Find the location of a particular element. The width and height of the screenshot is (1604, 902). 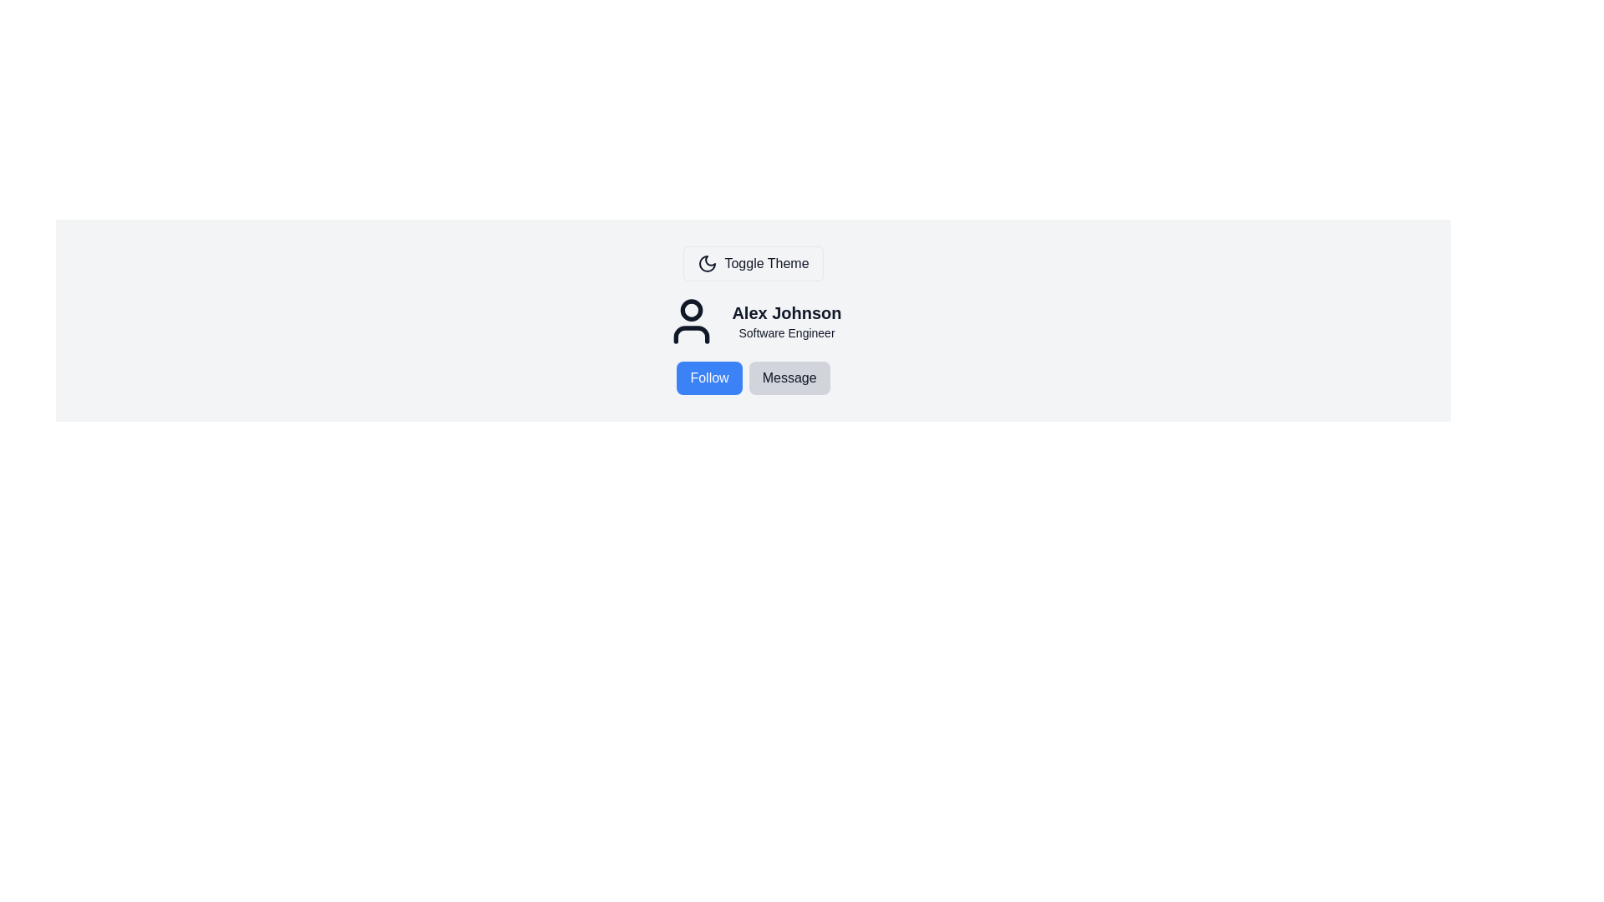

the follow button located beneath the profile information to change its background color is located at coordinates (709, 378).